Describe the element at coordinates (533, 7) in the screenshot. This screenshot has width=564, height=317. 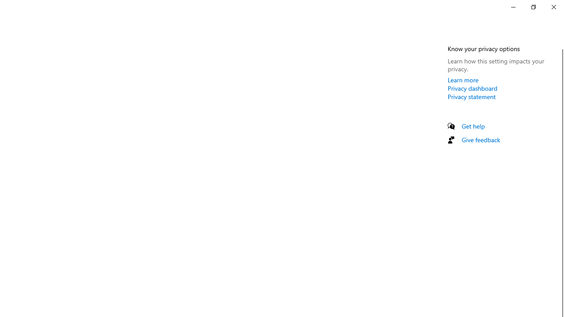
I see `'Restore Settings'` at that location.